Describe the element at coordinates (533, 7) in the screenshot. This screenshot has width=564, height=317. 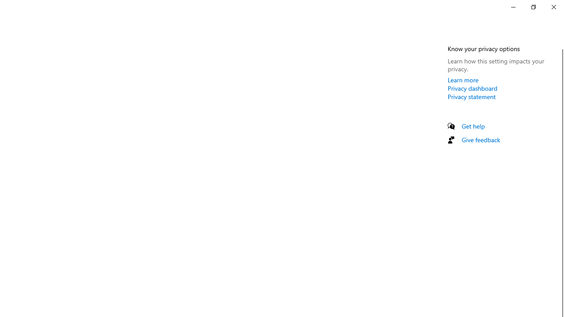
I see `'Restore Settings'` at that location.